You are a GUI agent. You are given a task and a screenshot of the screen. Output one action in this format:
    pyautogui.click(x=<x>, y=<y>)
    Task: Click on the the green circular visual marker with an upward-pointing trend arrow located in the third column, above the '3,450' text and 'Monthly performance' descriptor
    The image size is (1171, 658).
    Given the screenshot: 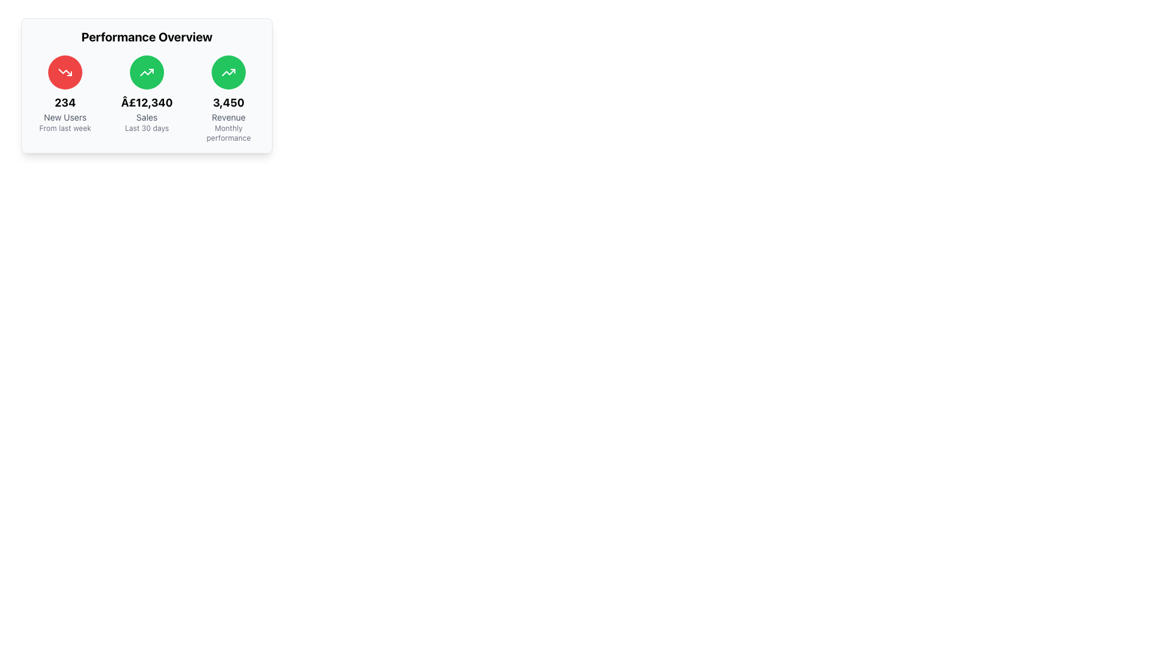 What is the action you would take?
    pyautogui.click(x=228, y=73)
    